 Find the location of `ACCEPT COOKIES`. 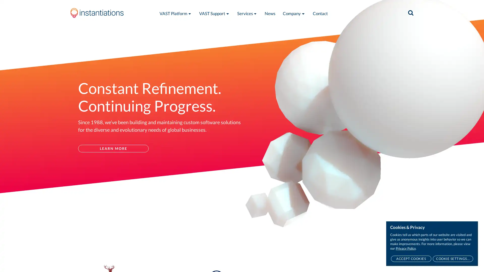

ACCEPT COOKIES is located at coordinates (411, 259).